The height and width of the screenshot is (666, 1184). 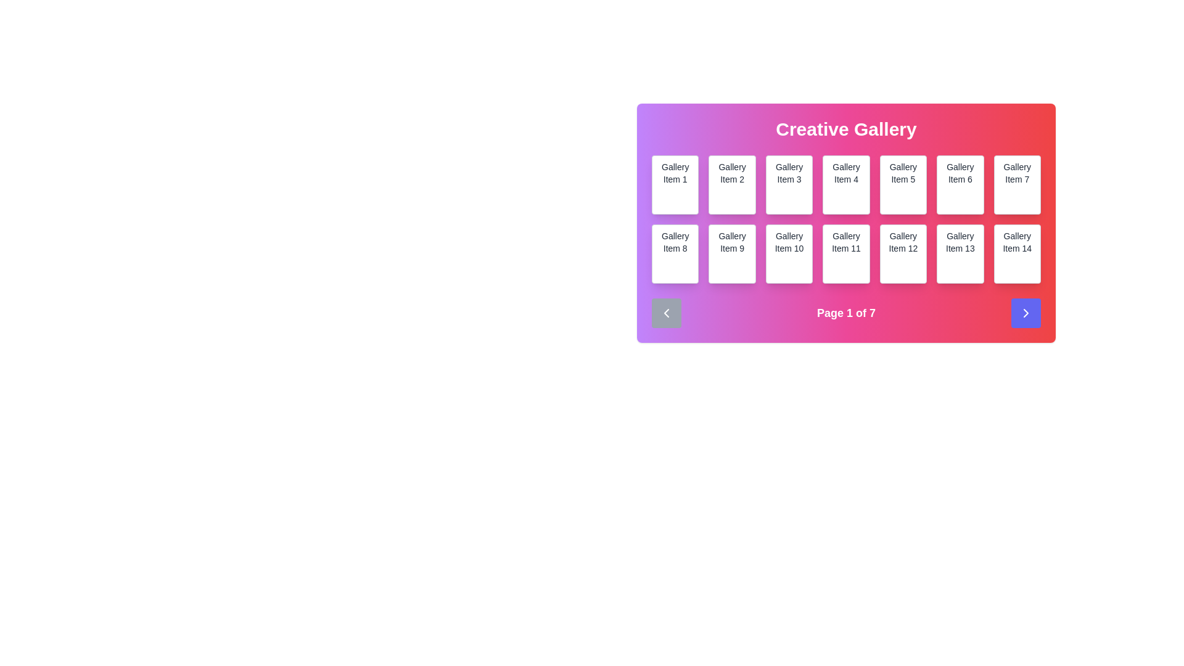 I want to click on the Display card labeled 'Gallery Item 11' in the 'Creative Gallery' section of the grid, so click(x=845, y=223).